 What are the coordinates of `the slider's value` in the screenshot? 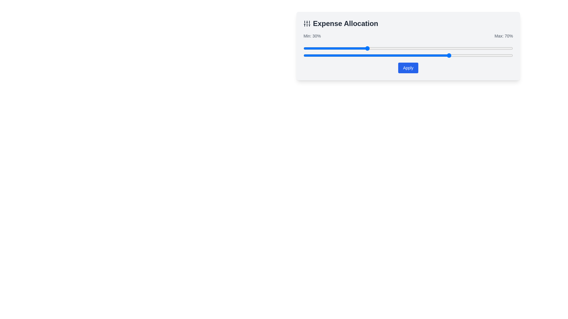 It's located at (324, 56).